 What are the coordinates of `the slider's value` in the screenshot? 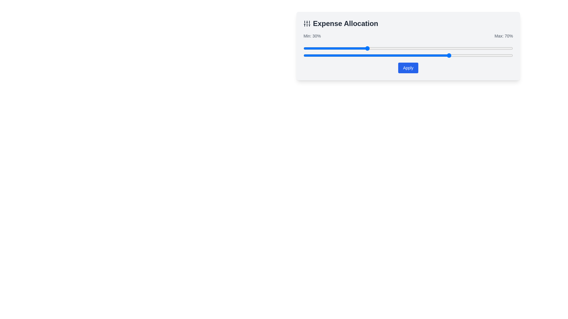 It's located at (324, 56).